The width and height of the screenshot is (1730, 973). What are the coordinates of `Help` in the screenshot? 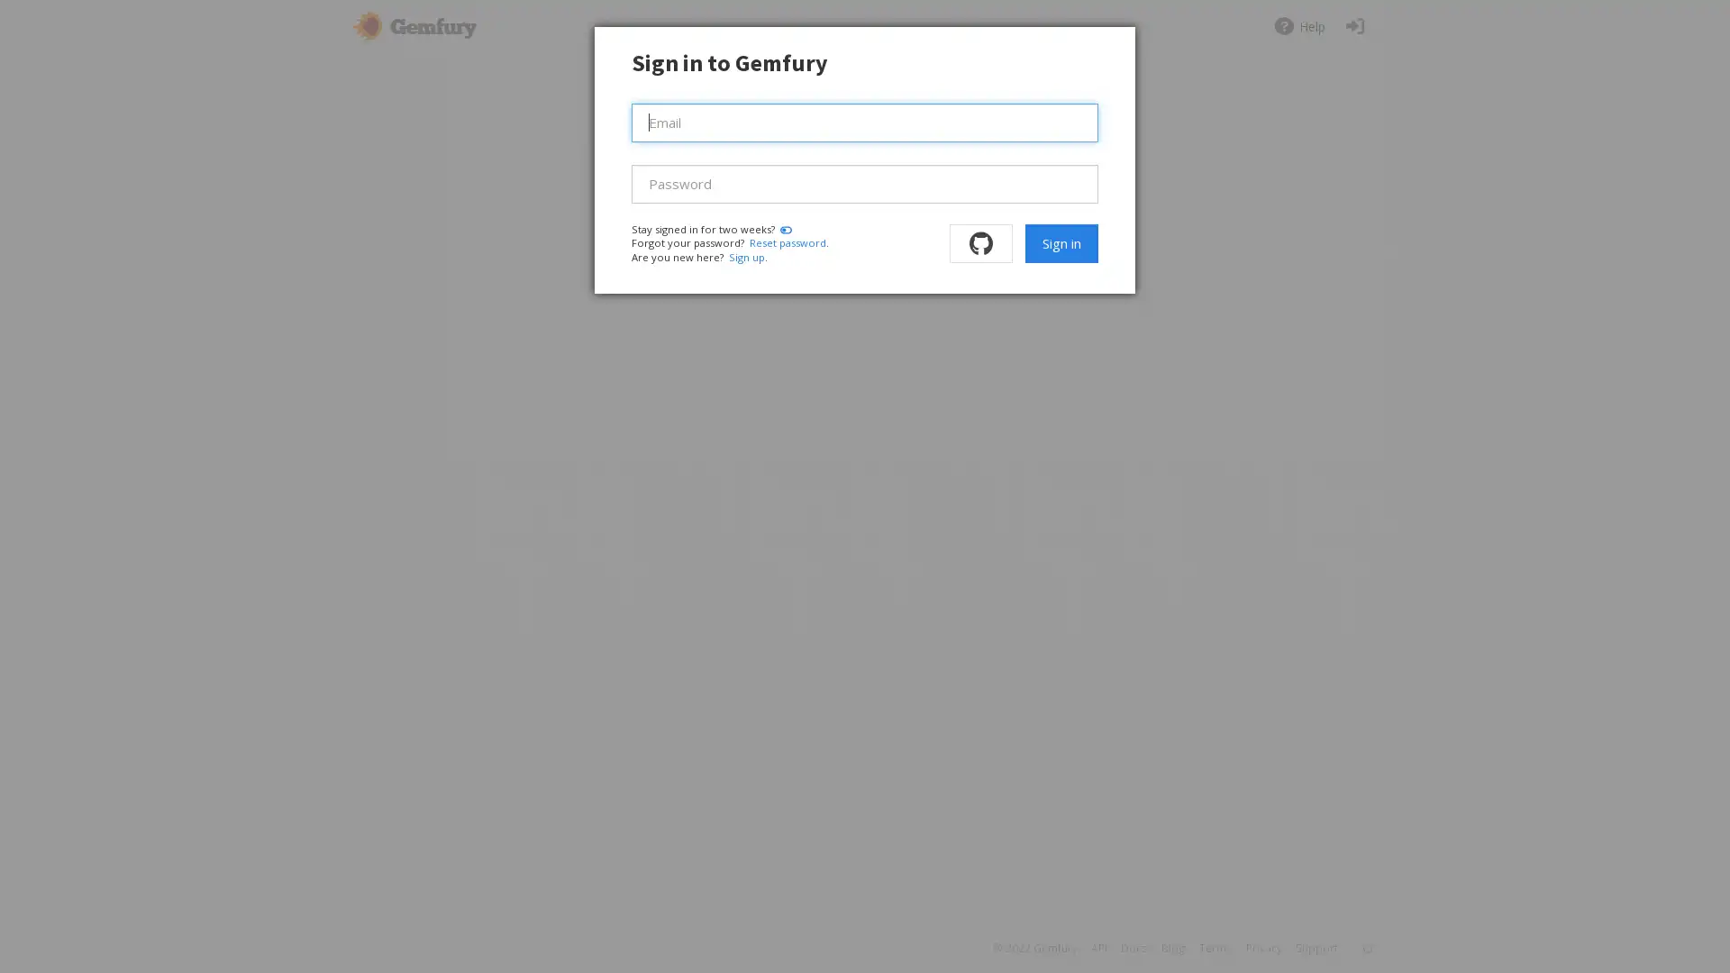 It's located at (1298, 26).